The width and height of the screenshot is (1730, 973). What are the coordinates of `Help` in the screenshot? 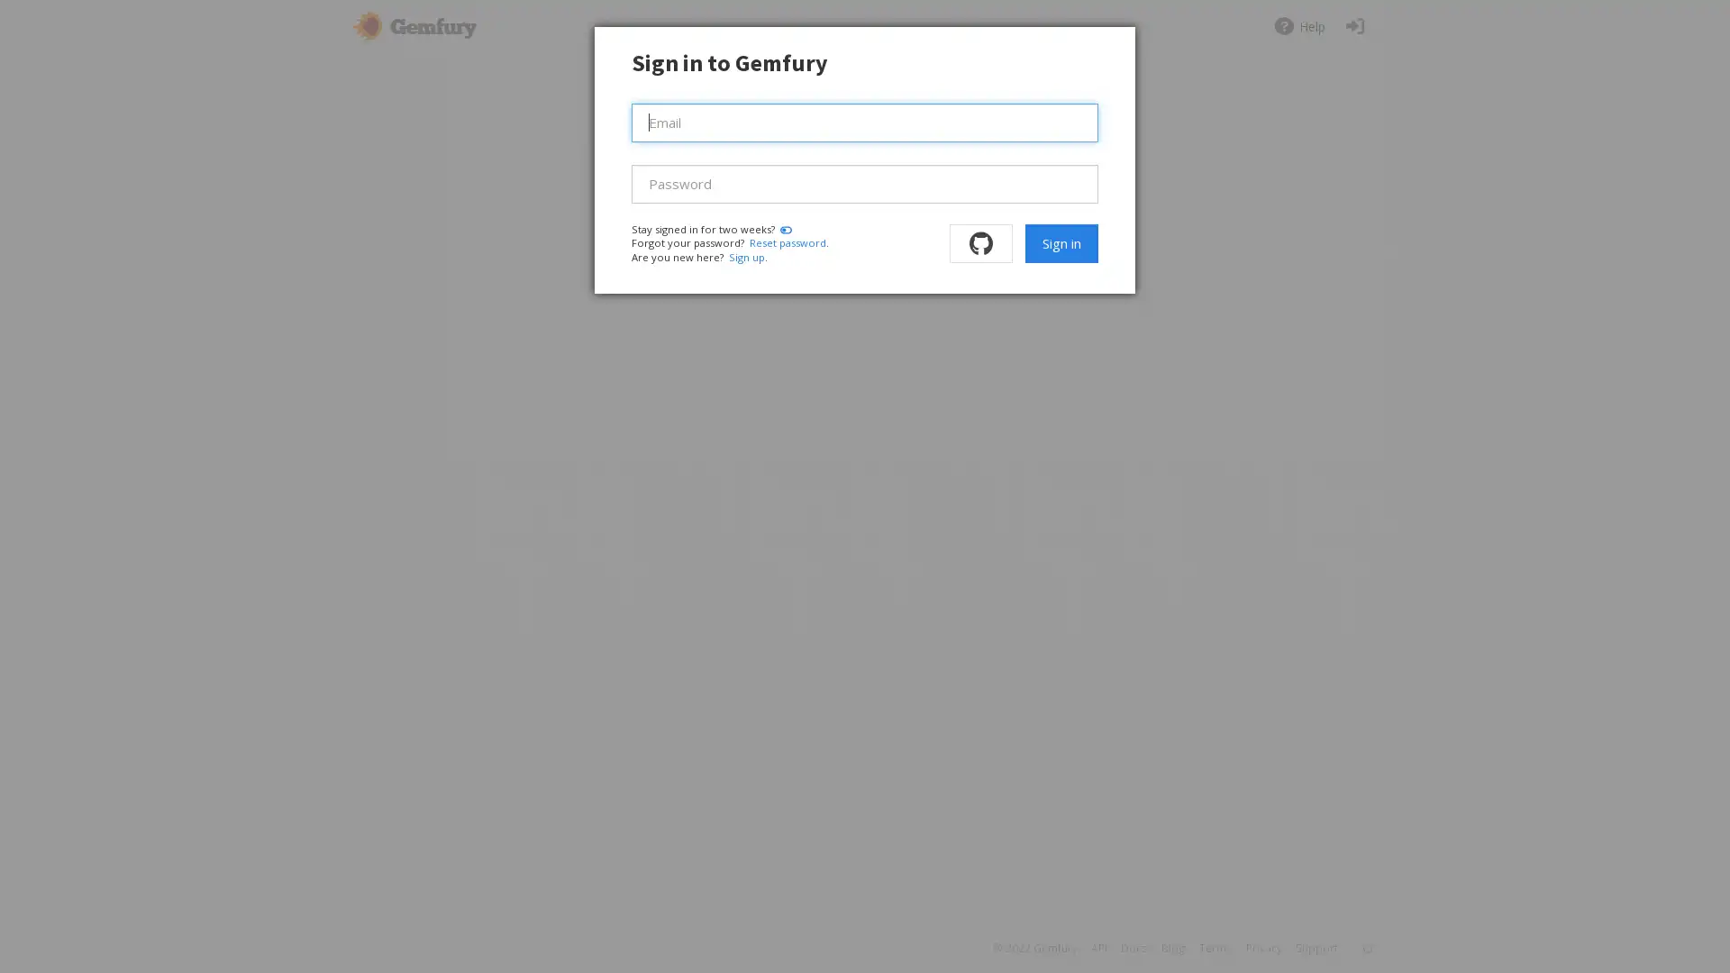 It's located at (1298, 26).